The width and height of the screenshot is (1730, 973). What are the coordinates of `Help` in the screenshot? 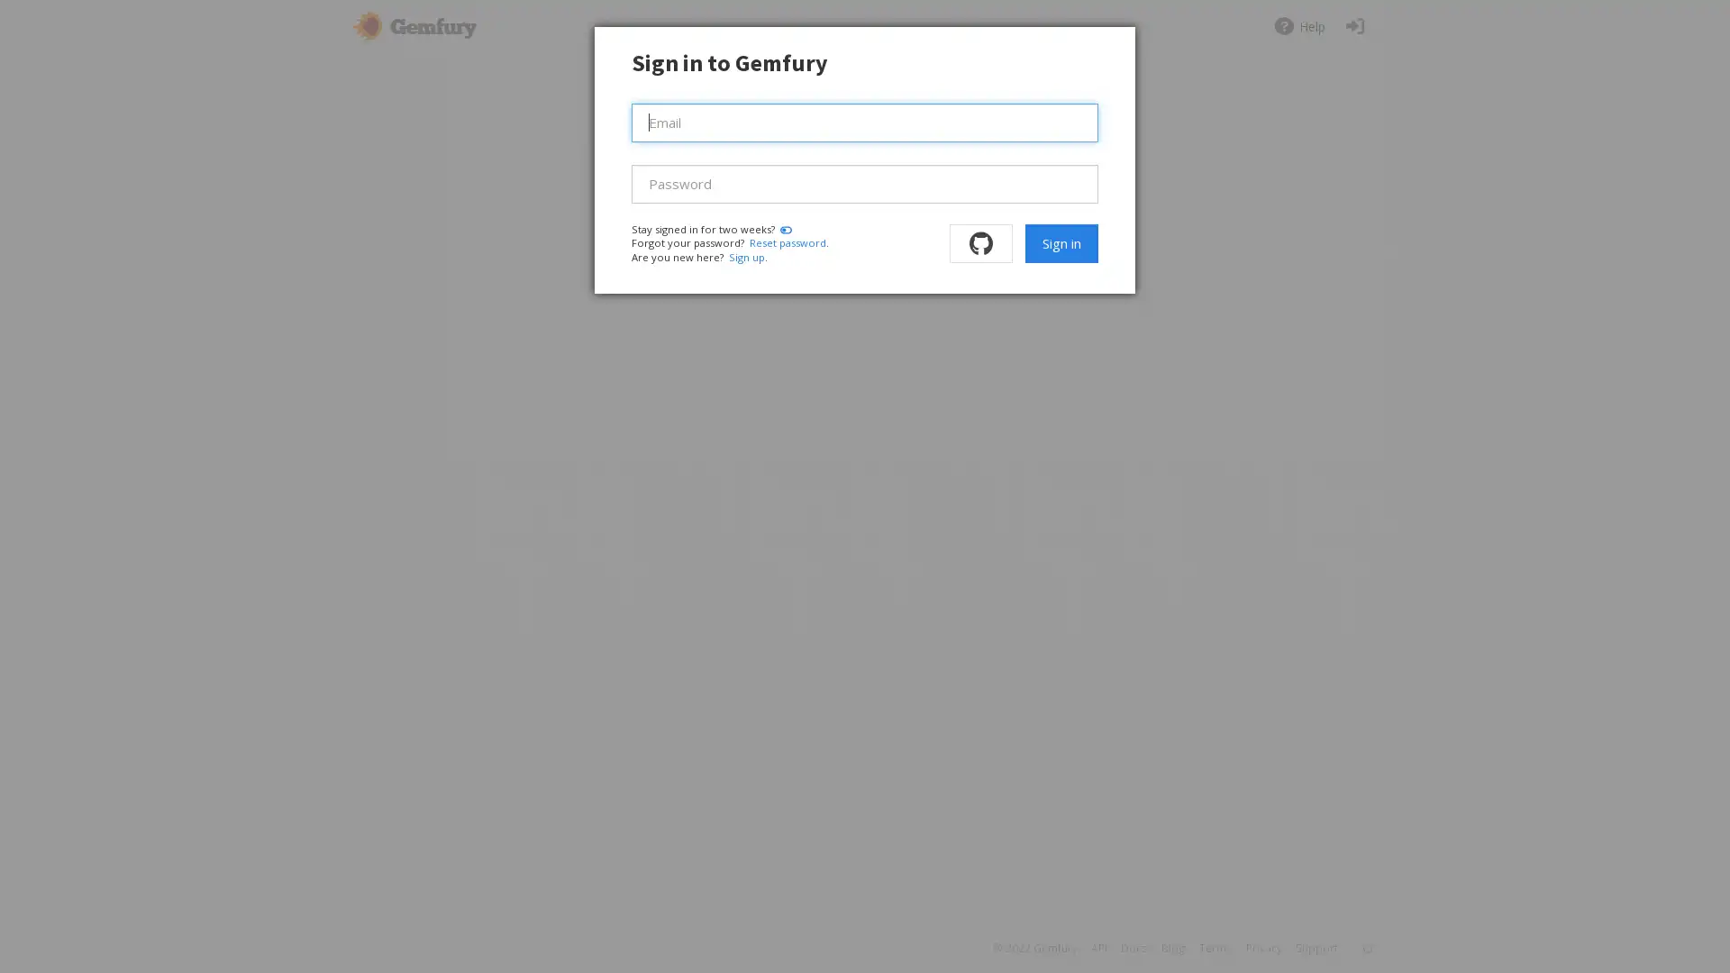 It's located at (1298, 26).